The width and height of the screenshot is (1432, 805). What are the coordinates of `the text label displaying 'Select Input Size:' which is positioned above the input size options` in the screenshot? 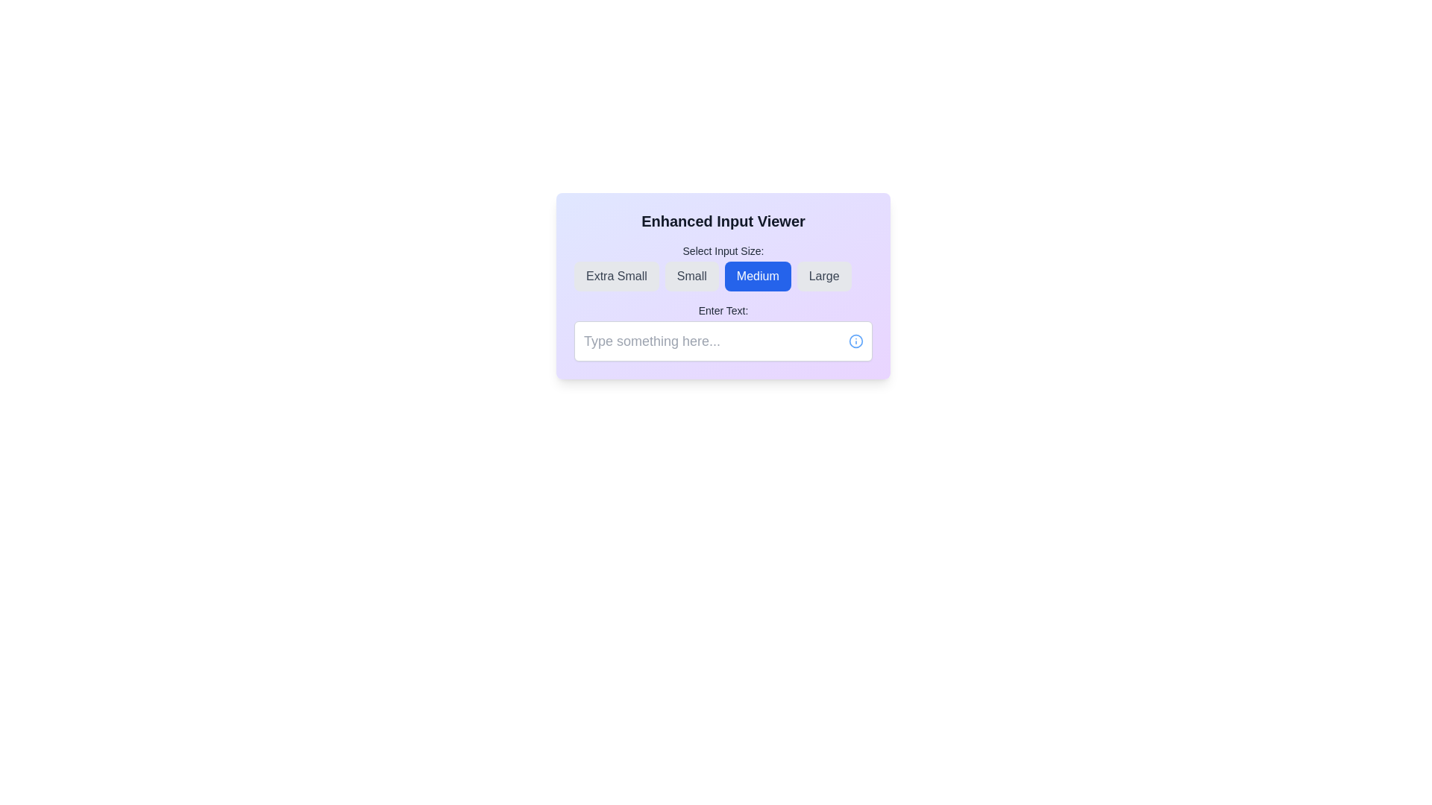 It's located at (723, 250).